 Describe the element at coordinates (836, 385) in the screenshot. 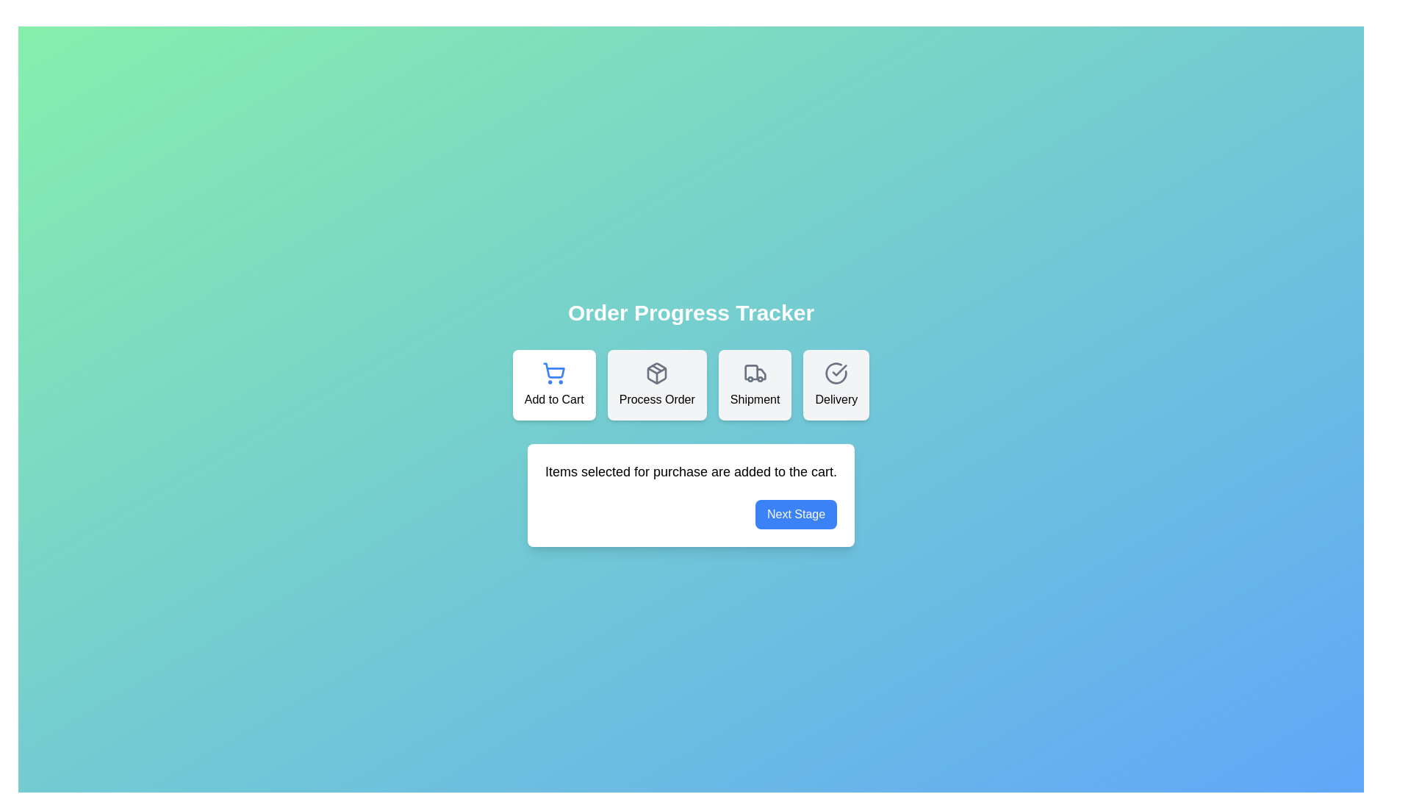

I see `the stage icon representing Delivery to select it` at that location.